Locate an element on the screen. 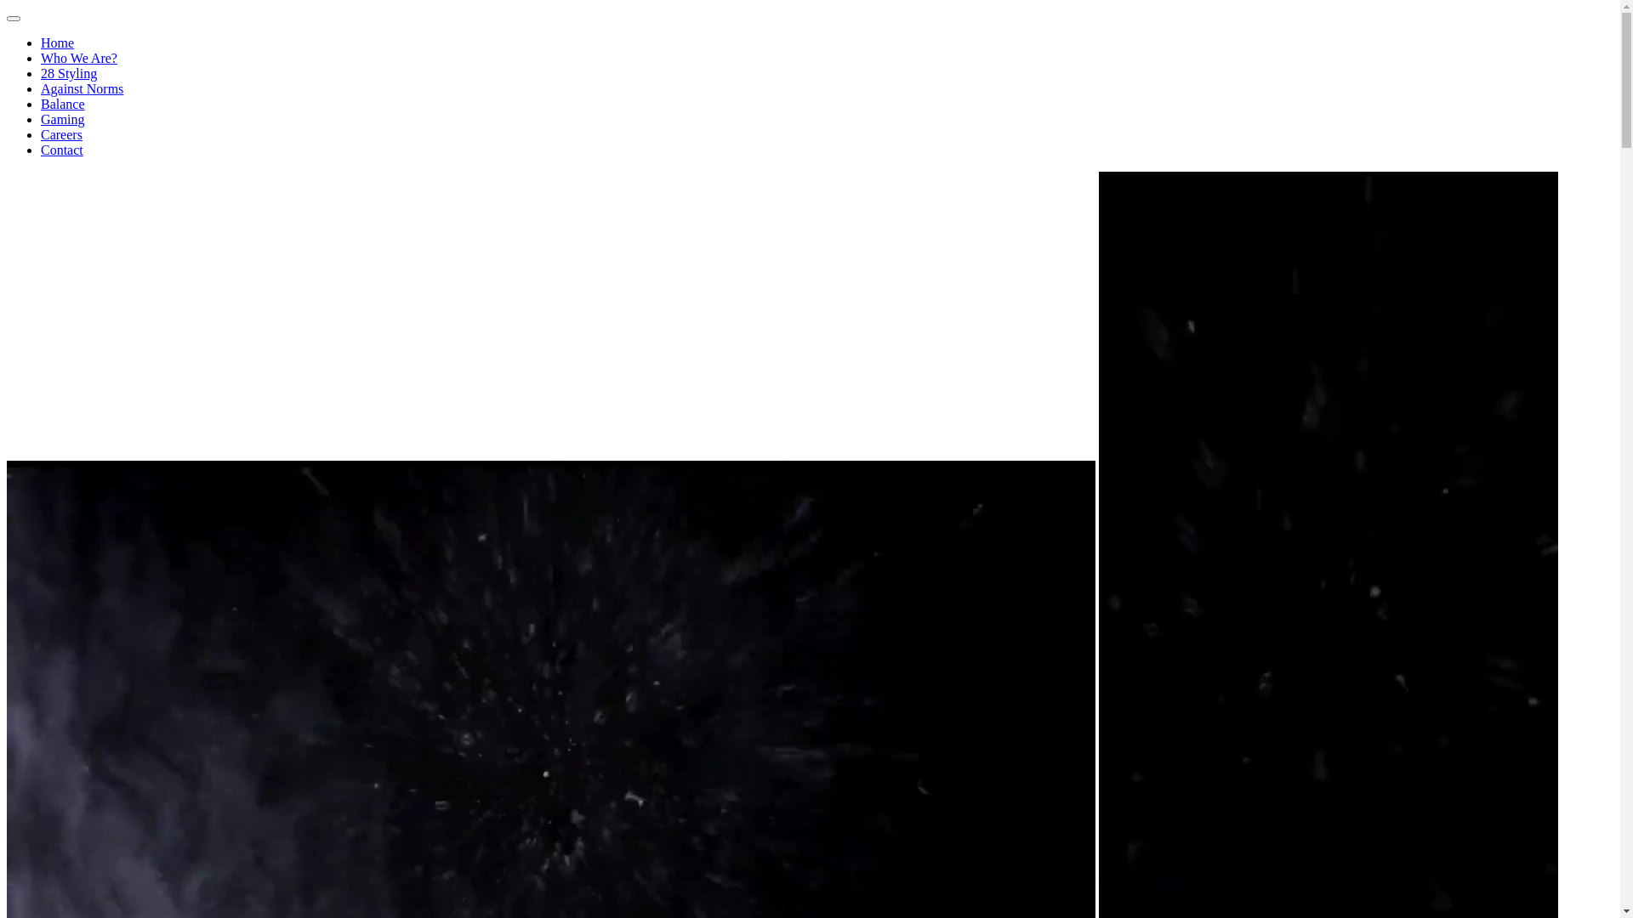 Image resolution: width=1633 pixels, height=918 pixels. 'Who We Are?' is located at coordinates (77, 57).